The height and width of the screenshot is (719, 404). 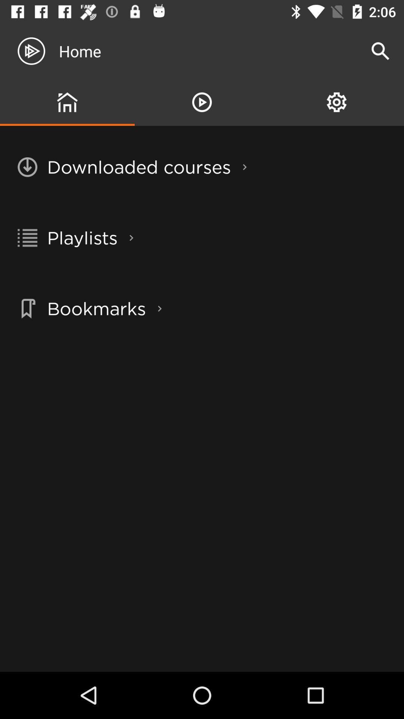 What do you see at coordinates (336, 102) in the screenshot?
I see `the settings icon` at bounding box center [336, 102].